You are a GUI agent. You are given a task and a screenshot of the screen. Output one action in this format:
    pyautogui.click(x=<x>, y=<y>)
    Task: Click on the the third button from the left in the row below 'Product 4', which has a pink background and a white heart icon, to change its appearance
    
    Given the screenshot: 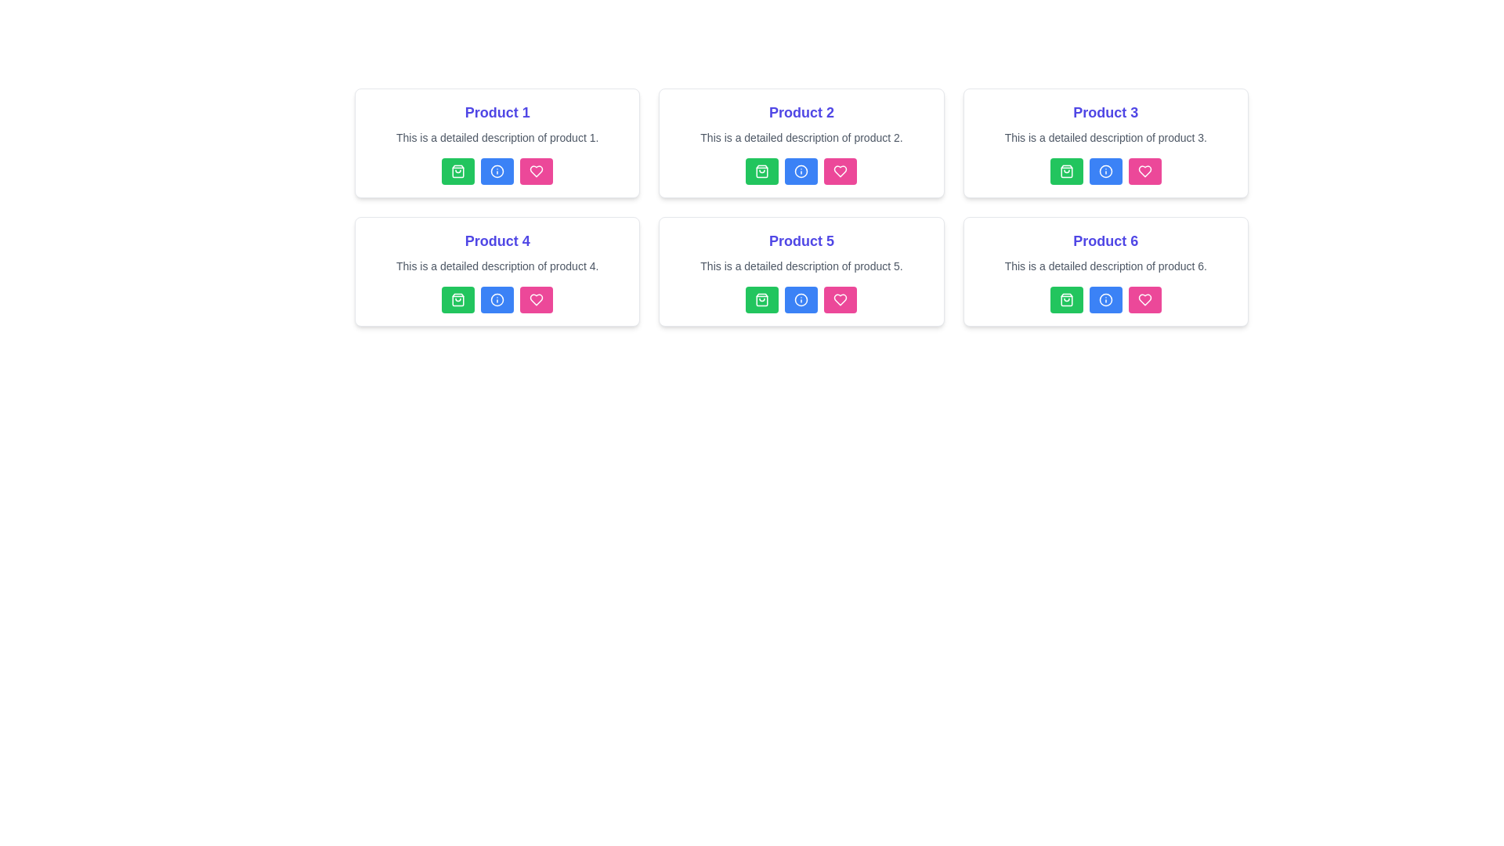 What is the action you would take?
    pyautogui.click(x=537, y=299)
    